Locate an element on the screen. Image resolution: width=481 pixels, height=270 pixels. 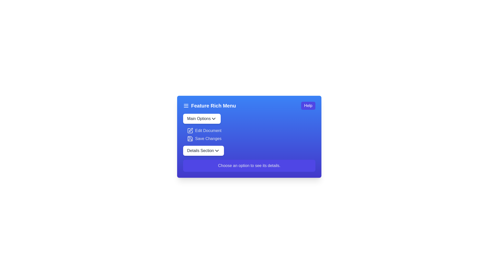
the button located in the second row of the 'Feature Rich Menu' card under the 'Main Options' button to initiate document editing is located at coordinates (204, 130).